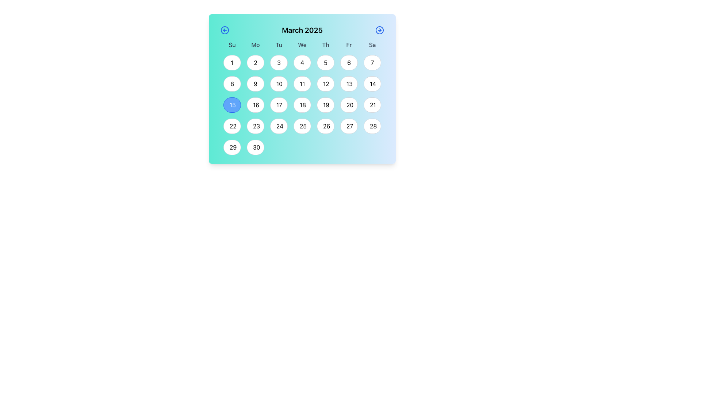 The height and width of the screenshot is (394, 701). What do you see at coordinates (224, 30) in the screenshot?
I see `the back button icon located in the upper-left corner of the calendar interface` at bounding box center [224, 30].